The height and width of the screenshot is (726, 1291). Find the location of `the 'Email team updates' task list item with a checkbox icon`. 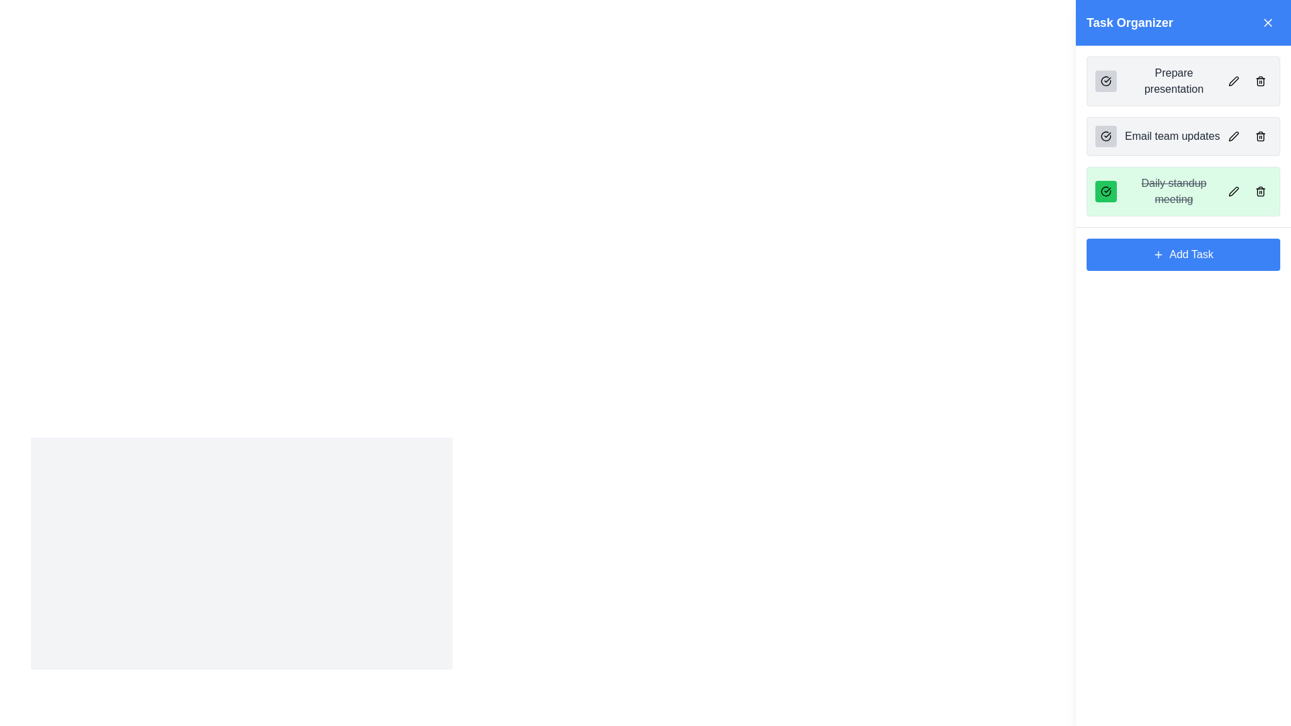

the 'Email team updates' task list item with a checkbox icon is located at coordinates (1157, 136).